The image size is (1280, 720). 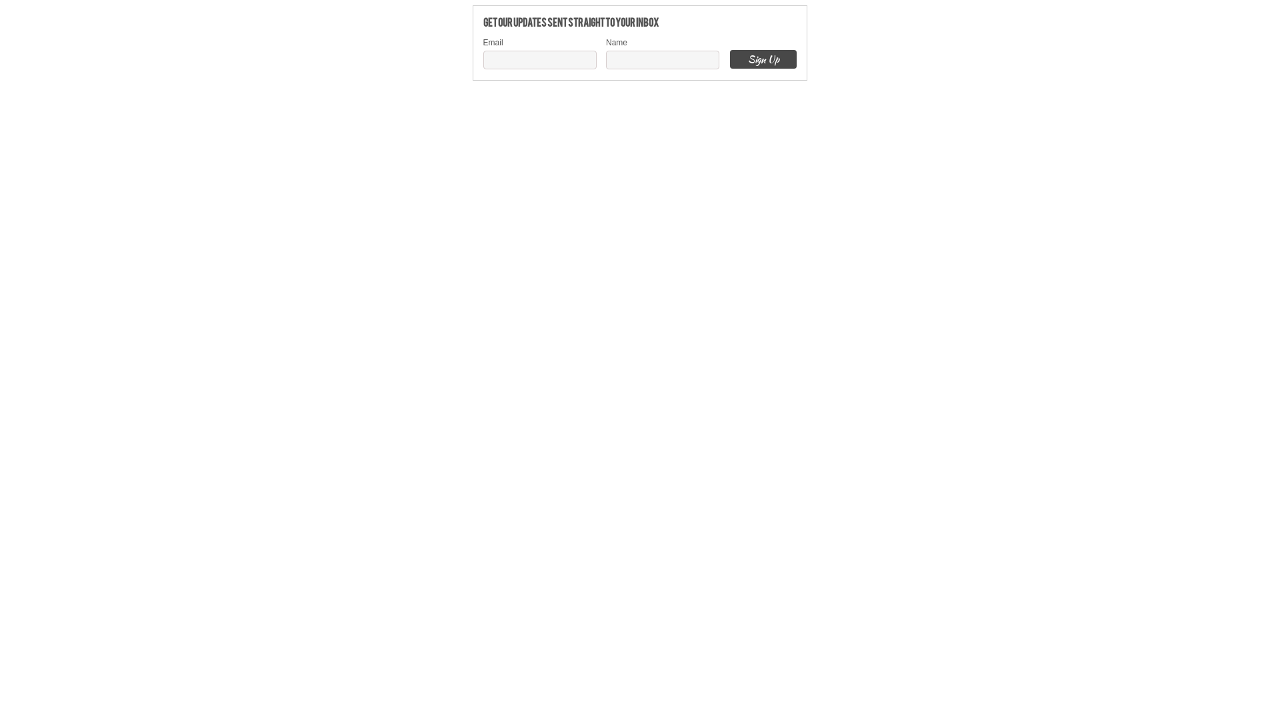 What do you see at coordinates (763, 58) in the screenshot?
I see `'Sign Up'` at bounding box center [763, 58].